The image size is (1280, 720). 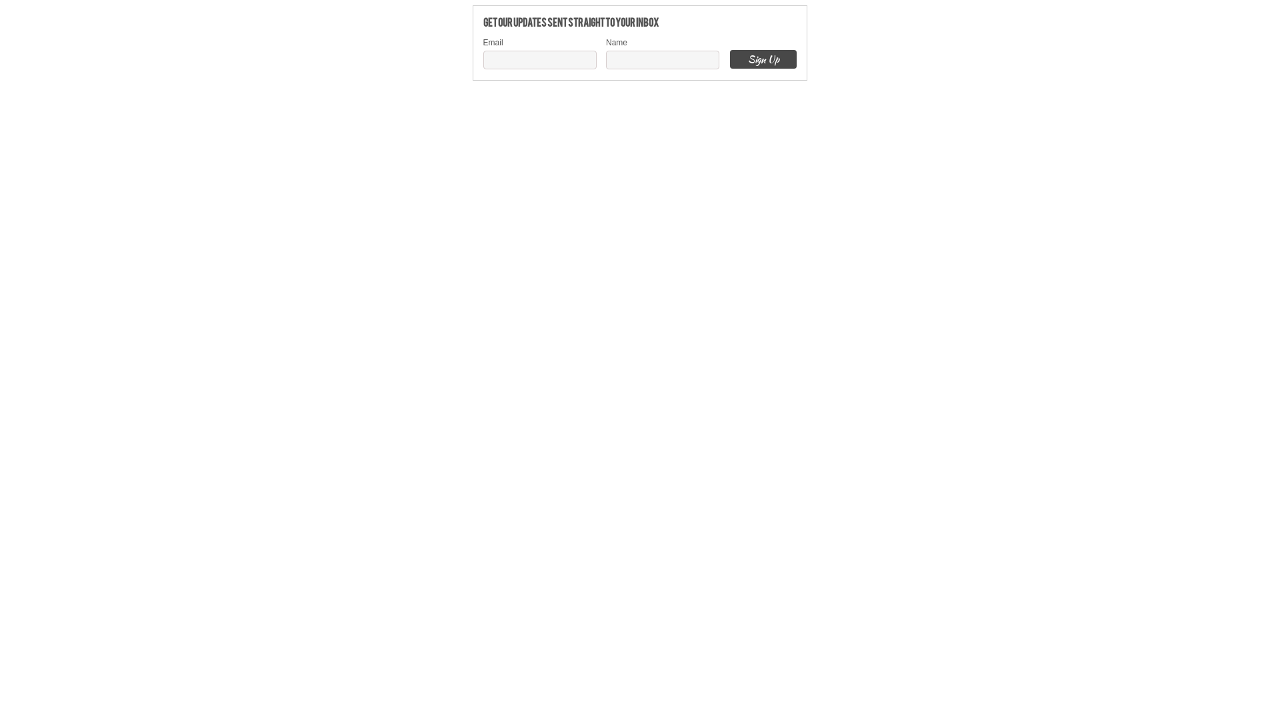 What do you see at coordinates (763, 58) in the screenshot?
I see `'Sign Up'` at bounding box center [763, 58].